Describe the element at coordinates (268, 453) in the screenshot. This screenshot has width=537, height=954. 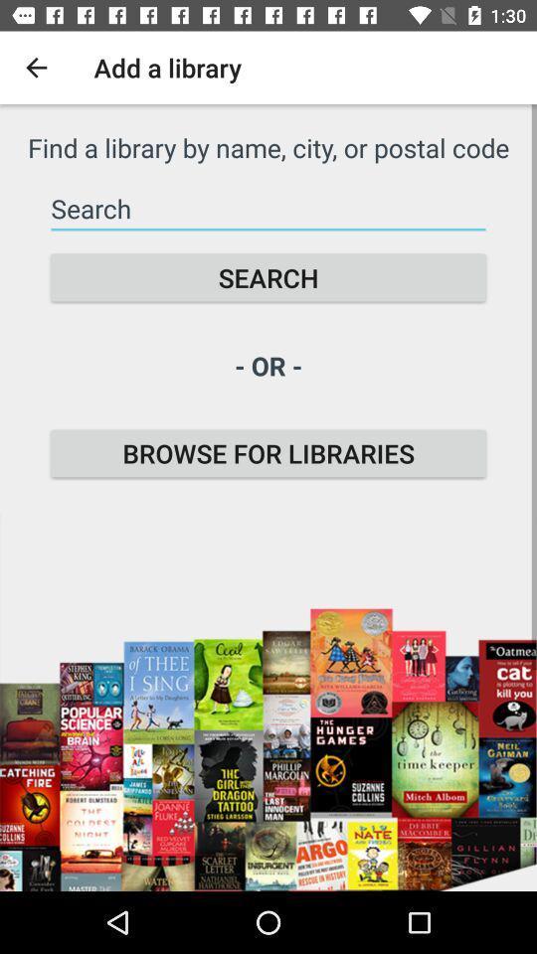
I see `the browse for libraries item` at that location.